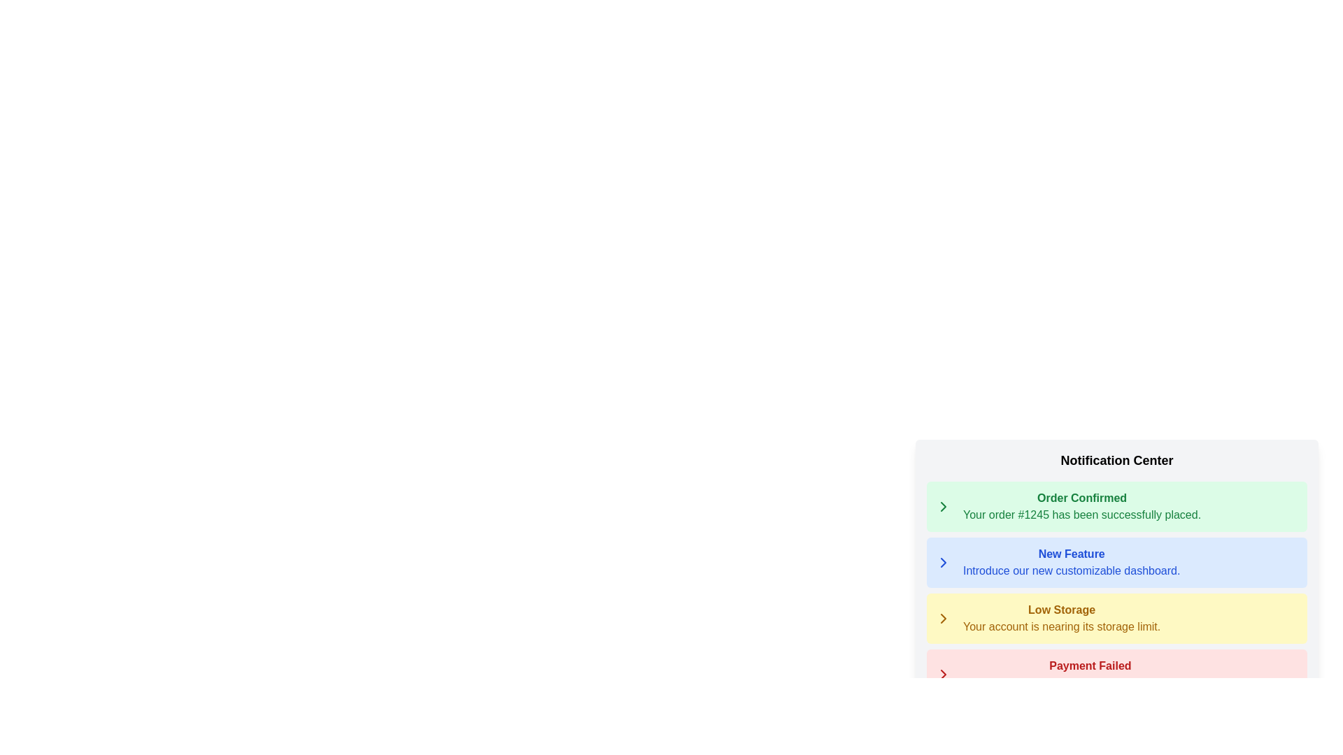 The image size is (1343, 755). Describe the element at coordinates (1089, 665) in the screenshot. I see `the text element displaying 'Payment Failed' in bold font, located at the bottom of a light red notification card in the notification list` at that location.